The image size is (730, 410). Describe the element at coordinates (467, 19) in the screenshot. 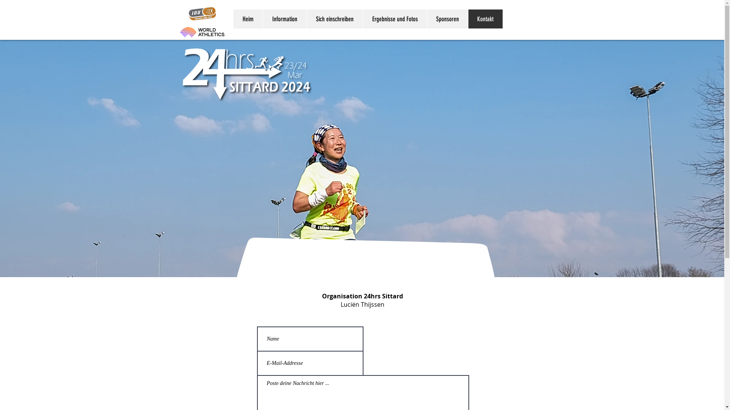

I see `'Kontakt'` at that location.